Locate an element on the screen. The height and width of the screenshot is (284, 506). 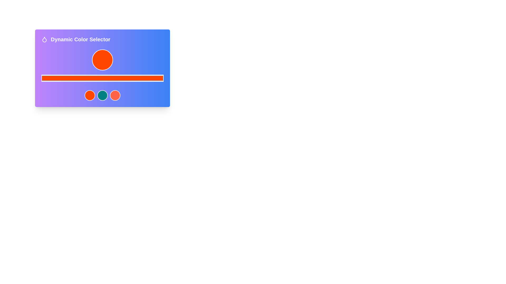
the leftmost button in a row of three buttons is located at coordinates (90, 95).